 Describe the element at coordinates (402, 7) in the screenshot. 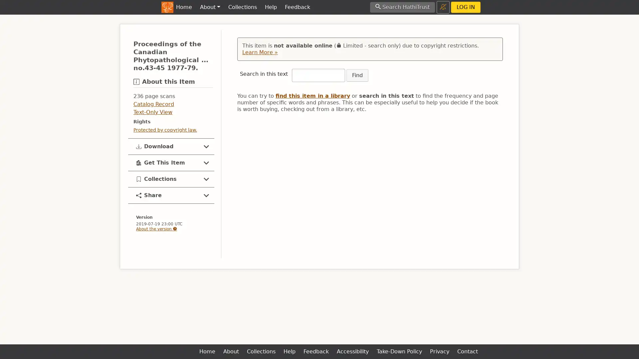

I see `Search HathiTrust` at that location.